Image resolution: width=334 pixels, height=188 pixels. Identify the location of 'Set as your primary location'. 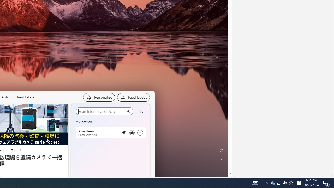
(132, 132).